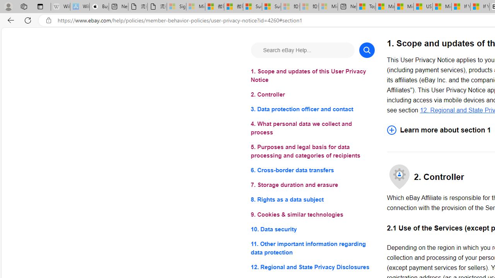 This screenshot has width=495, height=278. I want to click on '10. Data security', so click(312, 229).